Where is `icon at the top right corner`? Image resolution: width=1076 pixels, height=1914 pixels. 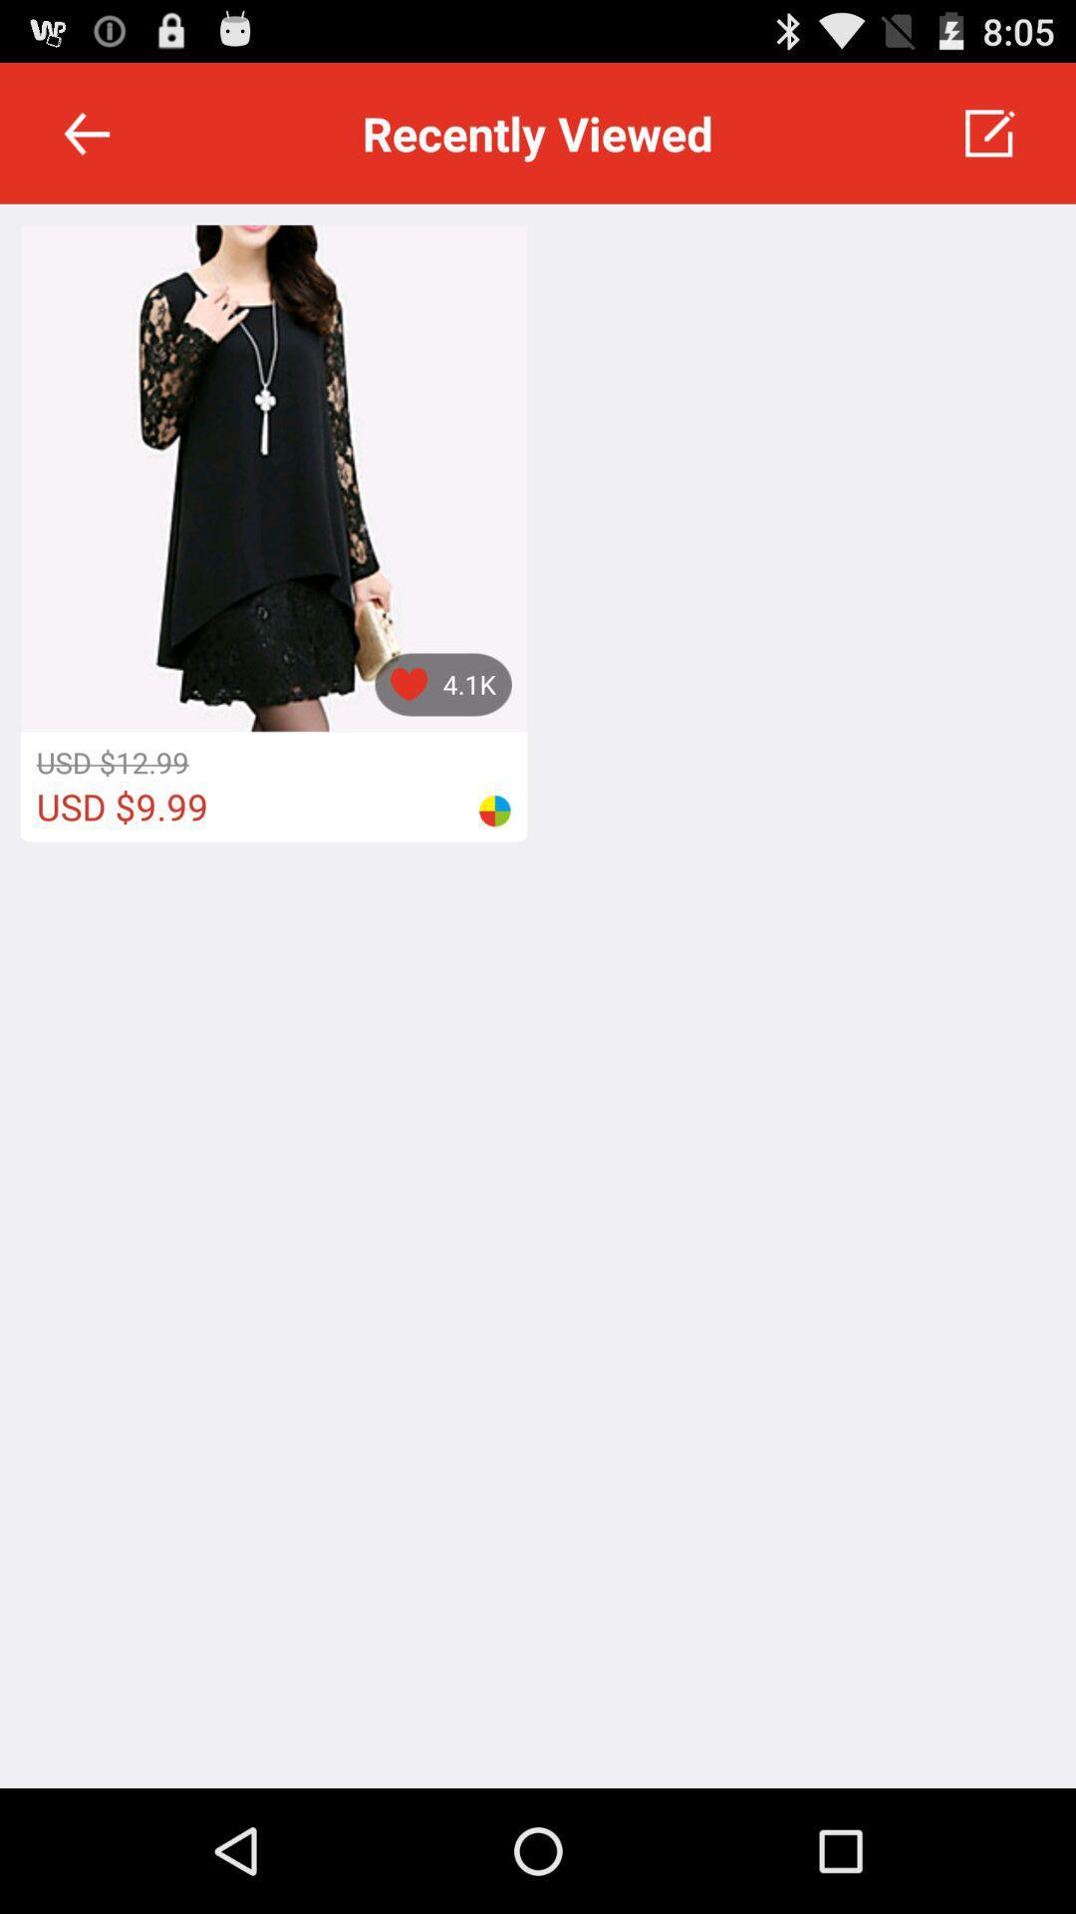
icon at the top right corner is located at coordinates (988, 132).